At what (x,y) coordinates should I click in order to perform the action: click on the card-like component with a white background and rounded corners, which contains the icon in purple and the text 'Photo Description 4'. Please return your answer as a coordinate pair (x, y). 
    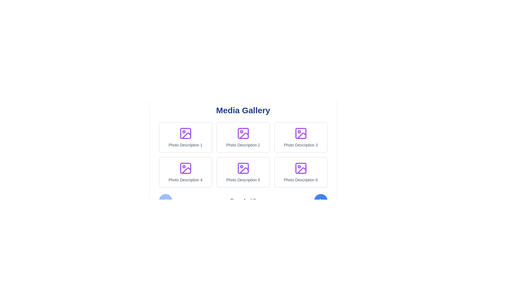
    Looking at the image, I should click on (185, 172).